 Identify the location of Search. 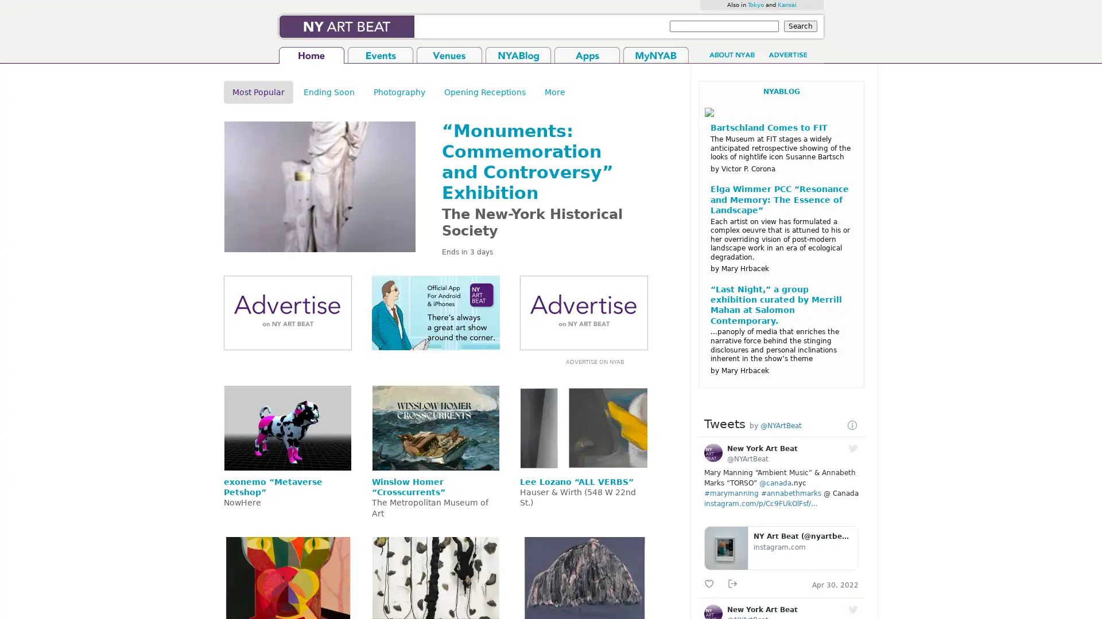
(800, 26).